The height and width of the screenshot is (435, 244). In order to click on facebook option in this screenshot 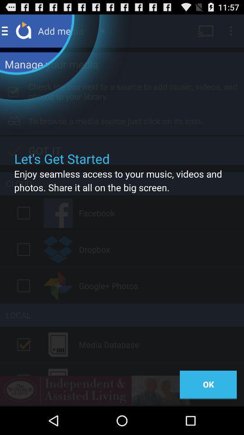, I will do `click(23, 213)`.